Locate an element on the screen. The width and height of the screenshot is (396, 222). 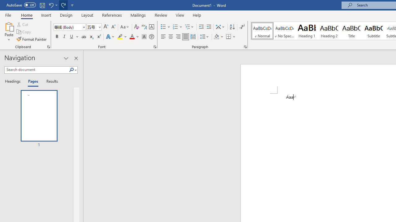
'Font' is located at coordinates (70, 27).